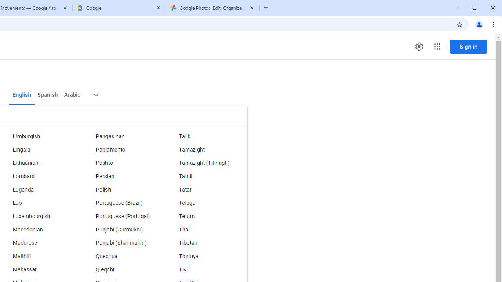 This screenshot has width=502, height=282. What do you see at coordinates (206, 216) in the screenshot?
I see `'Tetum'` at bounding box center [206, 216].